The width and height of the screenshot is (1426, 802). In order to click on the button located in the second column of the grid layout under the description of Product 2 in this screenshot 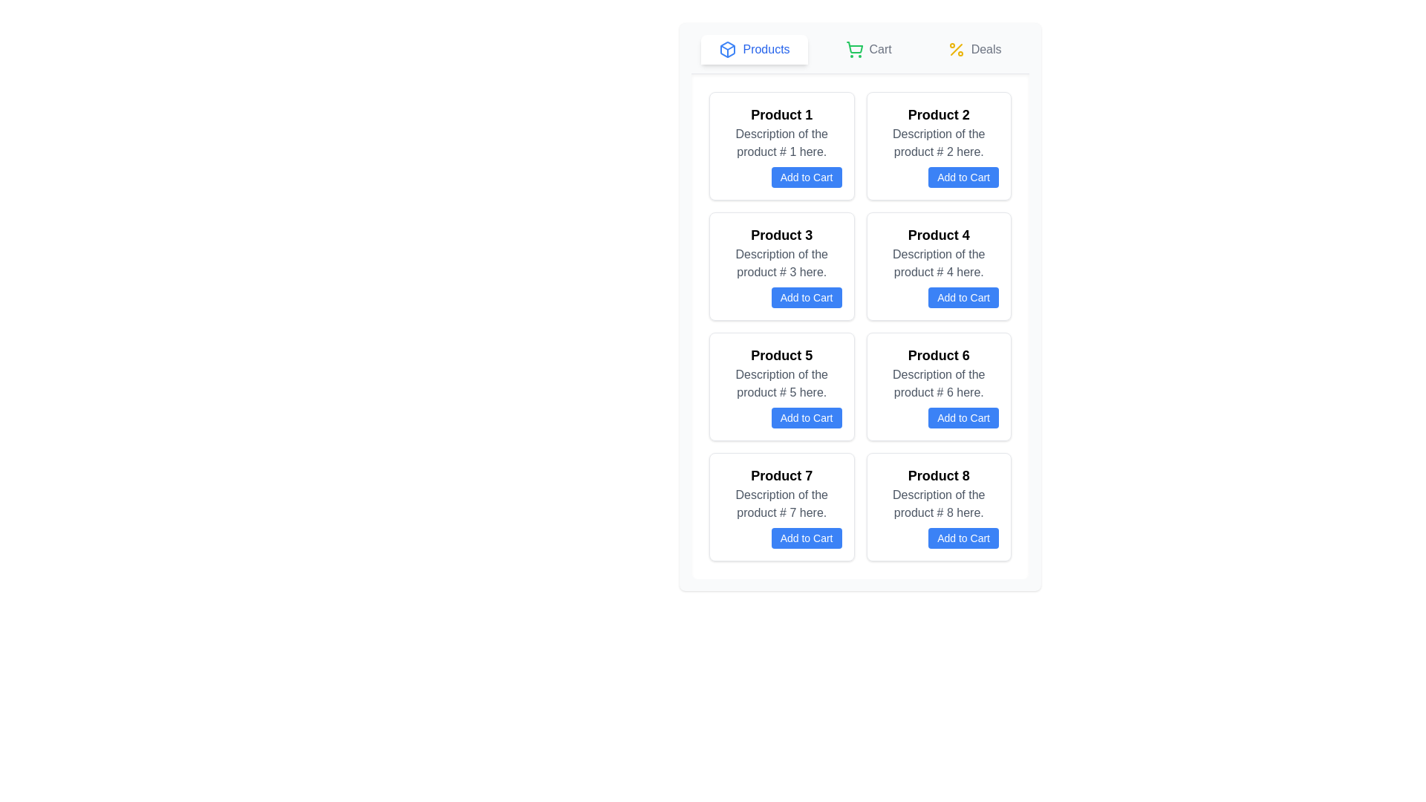, I will do `click(963, 177)`.